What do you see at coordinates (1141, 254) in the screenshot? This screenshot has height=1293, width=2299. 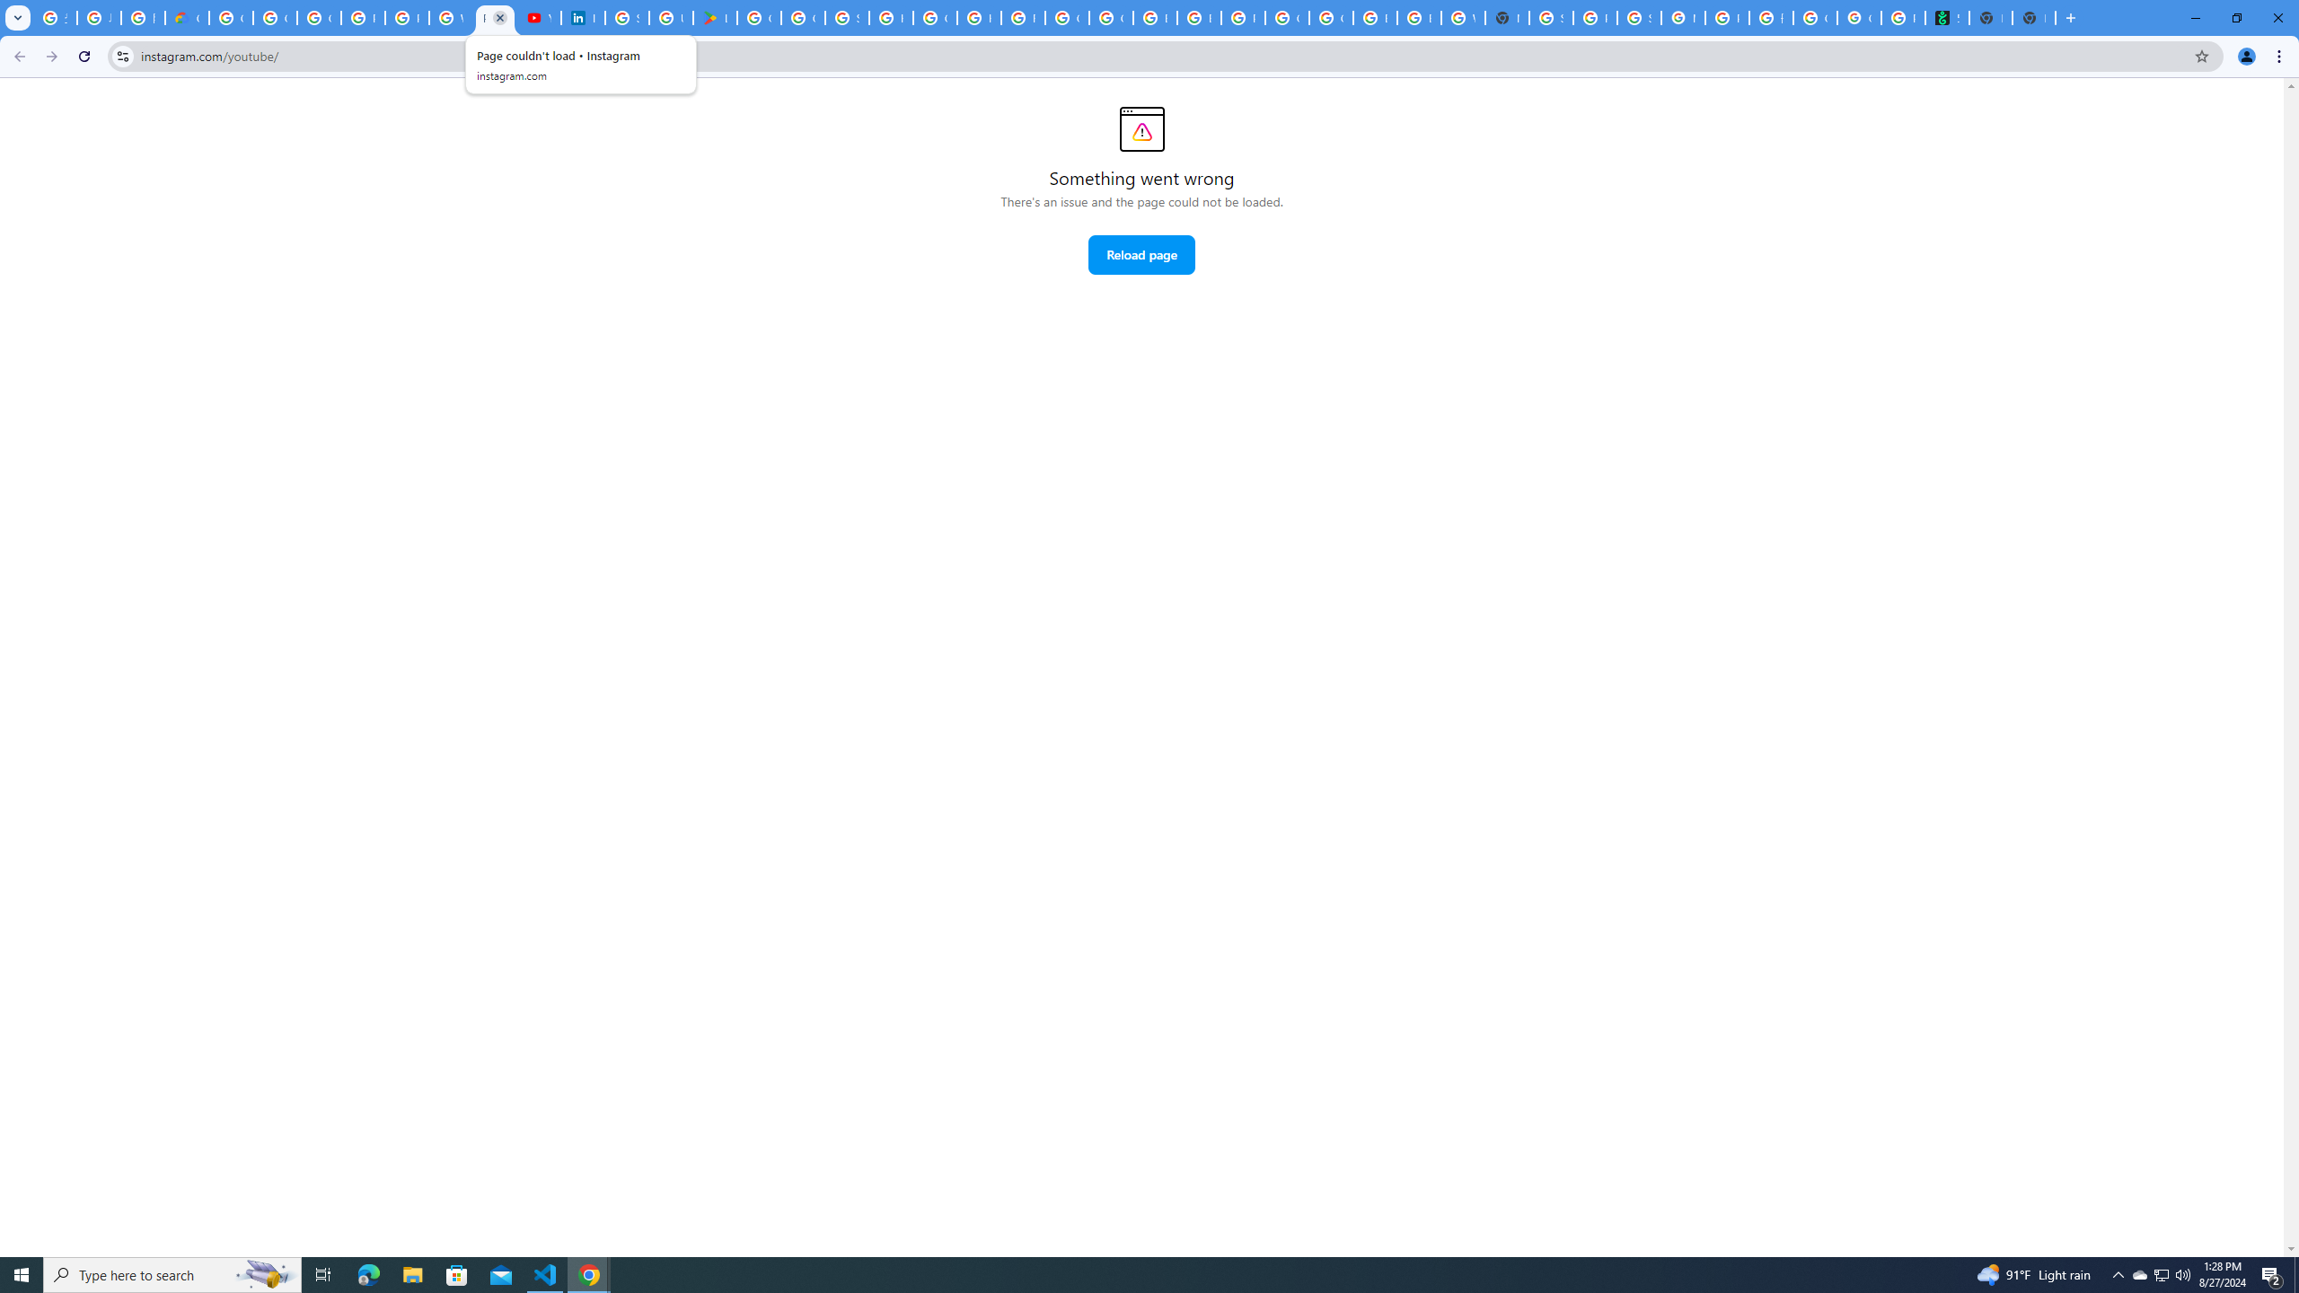 I see `'Reload page'` at bounding box center [1141, 254].